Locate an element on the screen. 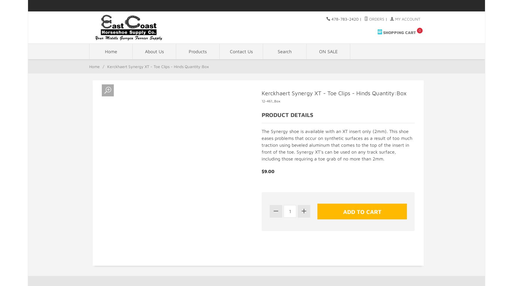 Image resolution: width=513 pixels, height=286 pixels. 'The Synergy shoe is available with an XT insert only (2mm). This shoe eases problems that occur on synthetic surfaces as a result of too much traction using beveled aluminum that comes to the top of the insert in front of the toe. Synergy XT's can be used on any track surface, including those requiring a toe grab of no more than 2mm.' is located at coordinates (337, 145).